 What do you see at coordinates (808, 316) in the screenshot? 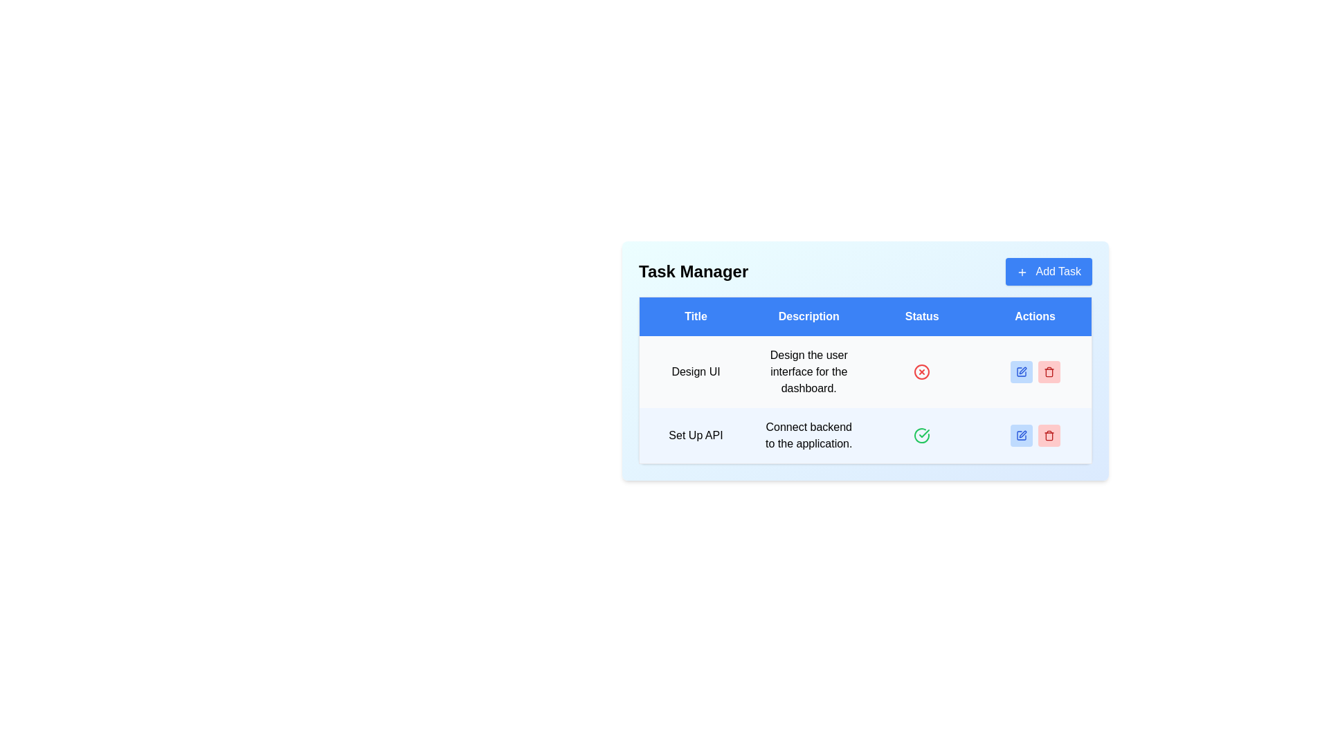
I see `the header element that serves as a label for descriptions, positioned between 'Title' and 'Status' in a horizontal row of buttons` at bounding box center [808, 316].